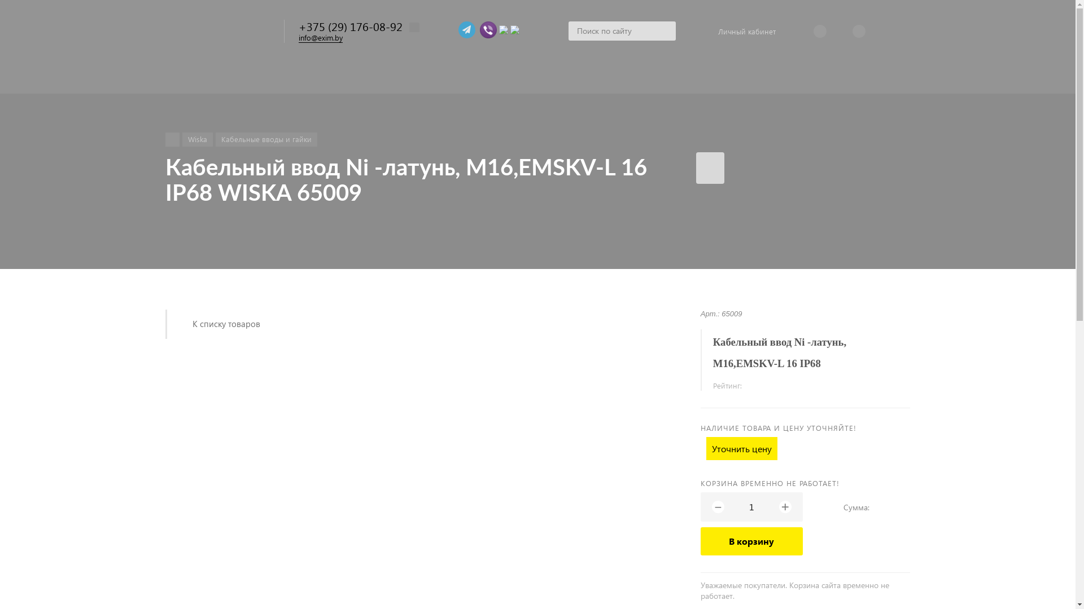 This screenshot has width=1084, height=609. I want to click on 'Wiska', so click(197, 139).